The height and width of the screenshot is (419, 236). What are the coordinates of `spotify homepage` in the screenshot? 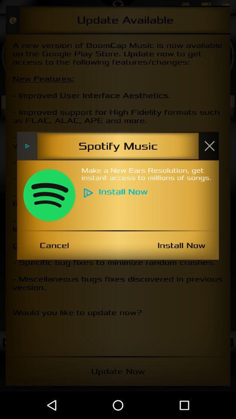 It's located at (49, 195).